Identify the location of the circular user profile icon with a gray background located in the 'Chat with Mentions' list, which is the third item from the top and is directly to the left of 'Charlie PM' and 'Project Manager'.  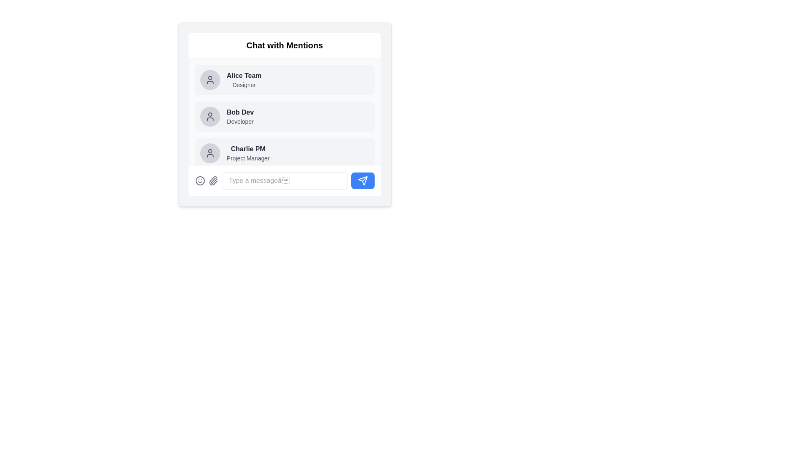
(210, 153).